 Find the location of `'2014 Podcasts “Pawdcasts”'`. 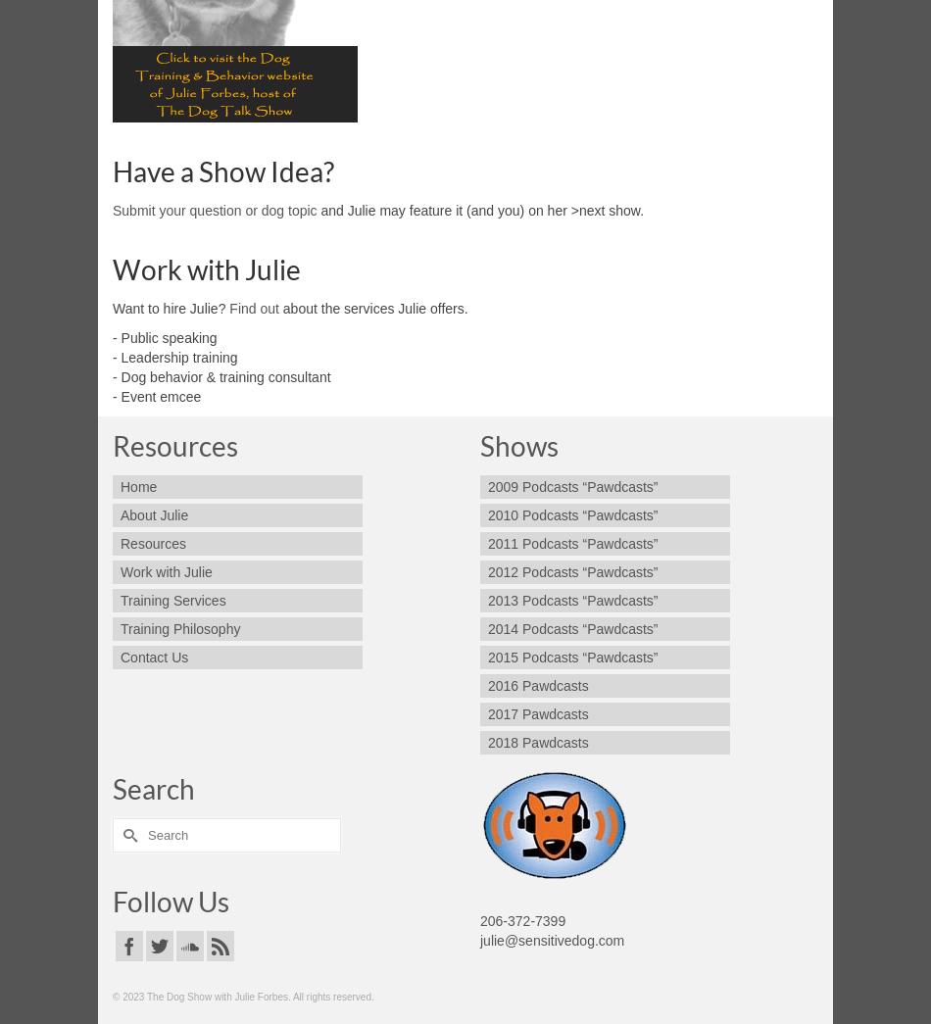

'2014 Podcasts “Pawdcasts”' is located at coordinates (572, 629).